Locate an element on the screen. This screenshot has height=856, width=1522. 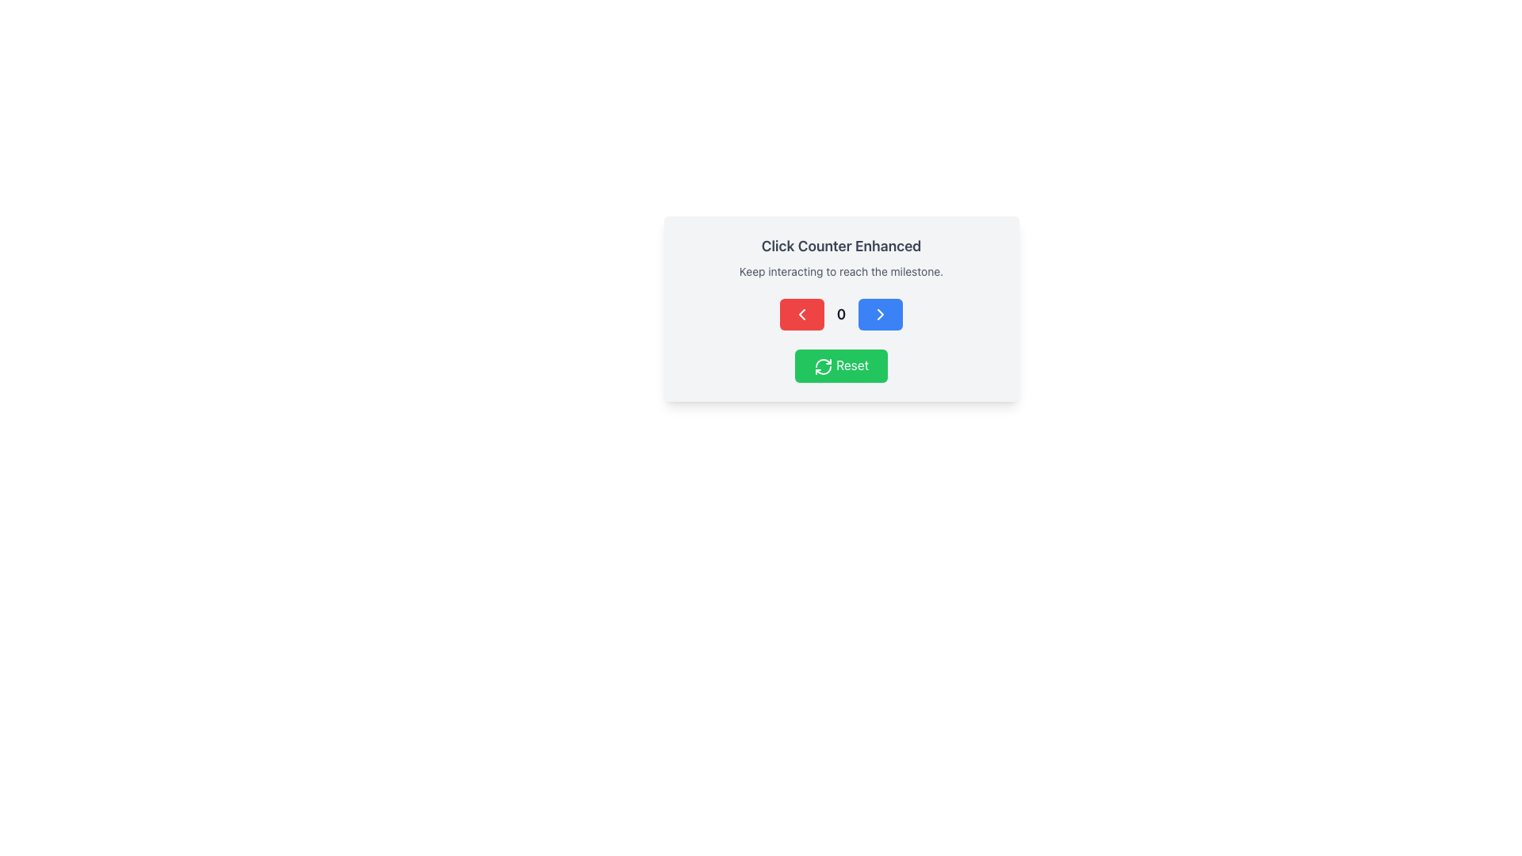
the instructional Text Label located below the heading 'Click Counter Enhanced', which provides guidance about ongoing progress is located at coordinates (840, 271).